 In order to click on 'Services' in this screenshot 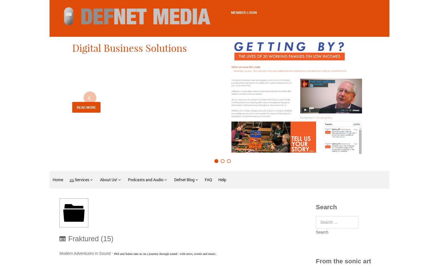, I will do `click(82, 180)`.